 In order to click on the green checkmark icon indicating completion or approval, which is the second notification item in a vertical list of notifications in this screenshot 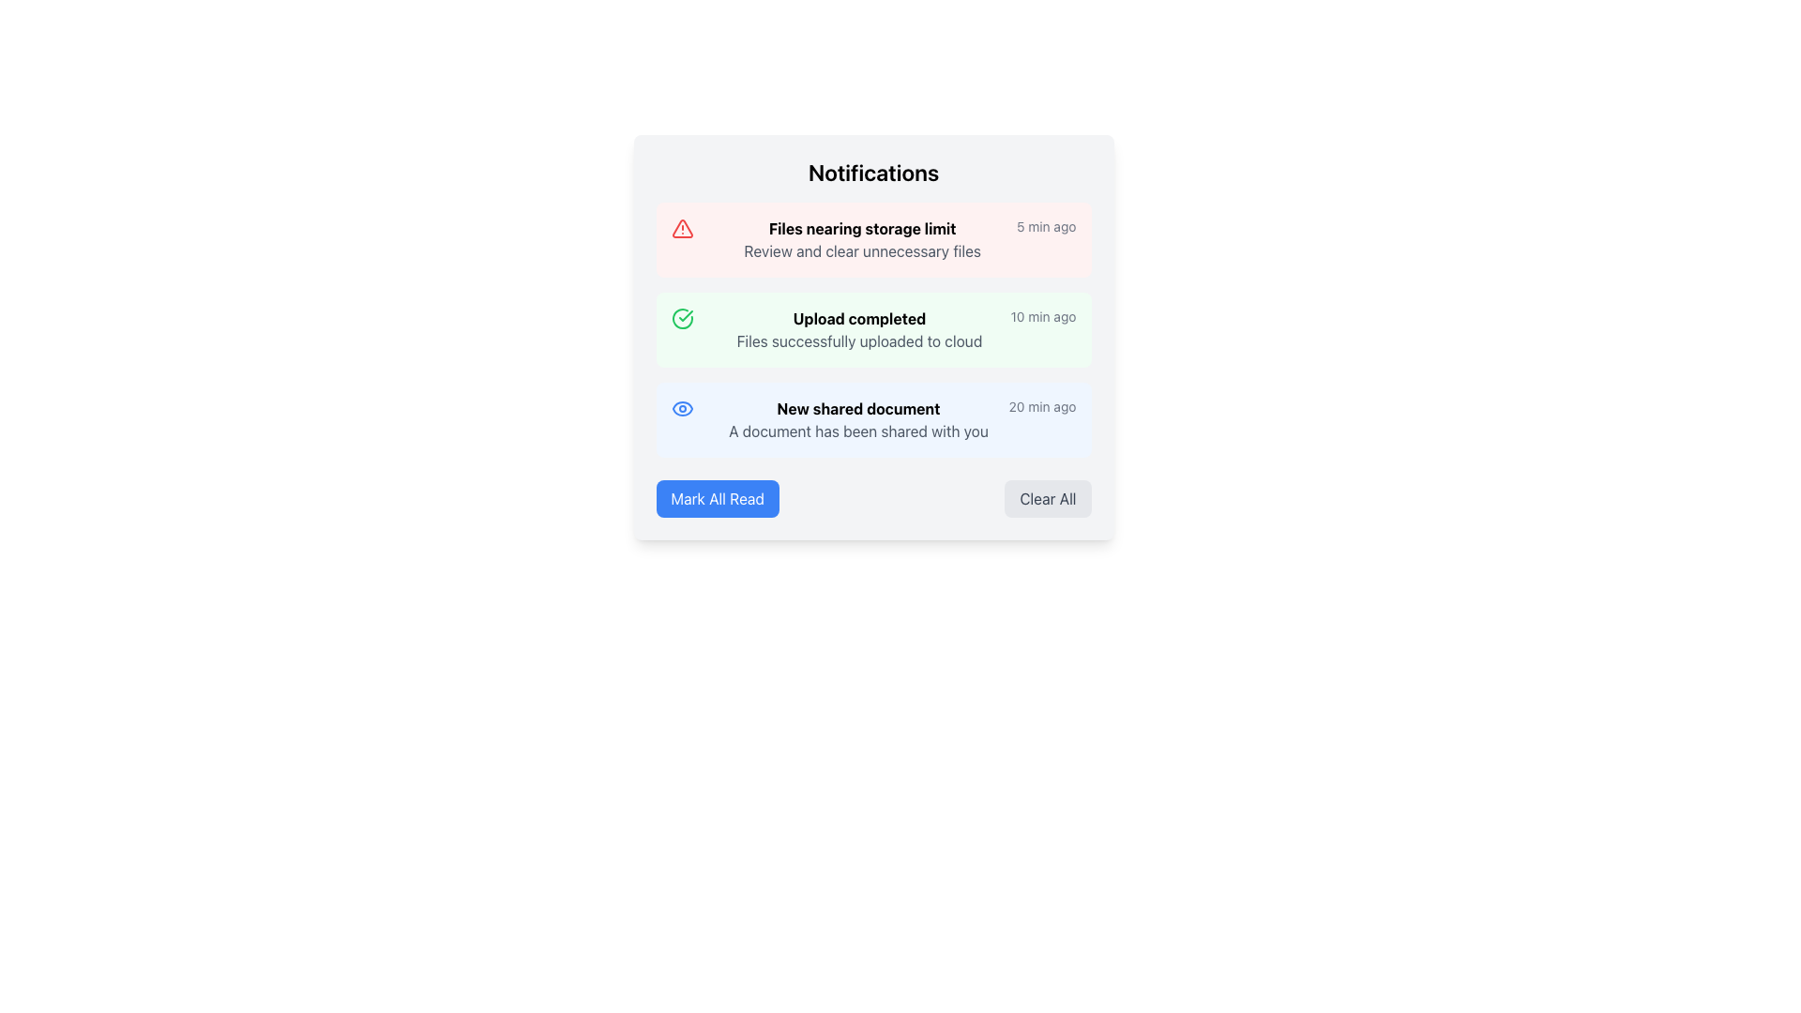, I will do `click(684, 314)`.